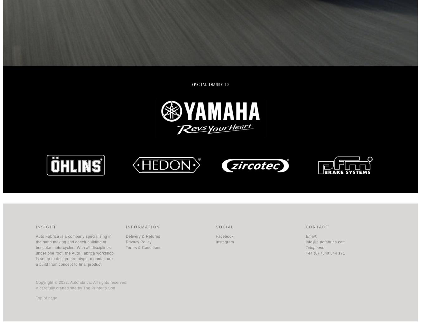 The image size is (421, 323). Describe the element at coordinates (317, 226) in the screenshot. I see `'Contact'` at that location.